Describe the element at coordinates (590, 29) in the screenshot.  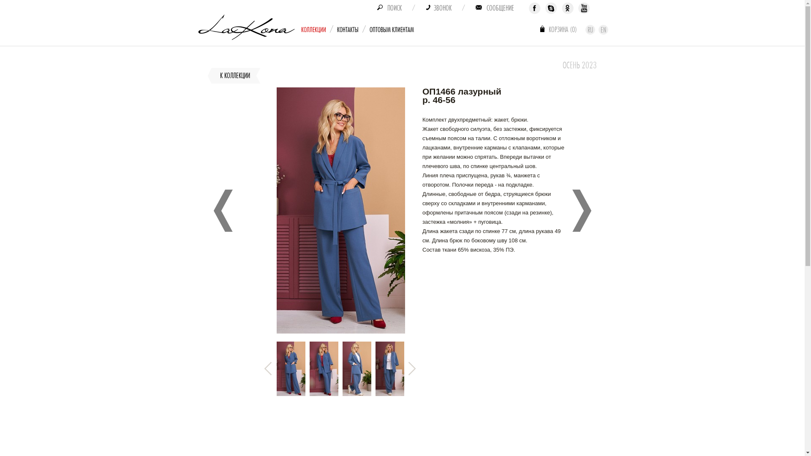
I see `'RU'` at that location.